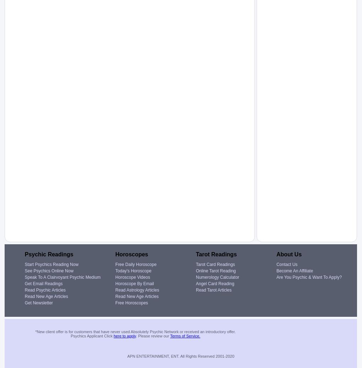 The image size is (362, 368). What do you see at coordinates (215, 270) in the screenshot?
I see `'Online Tarot Reading'` at bounding box center [215, 270].